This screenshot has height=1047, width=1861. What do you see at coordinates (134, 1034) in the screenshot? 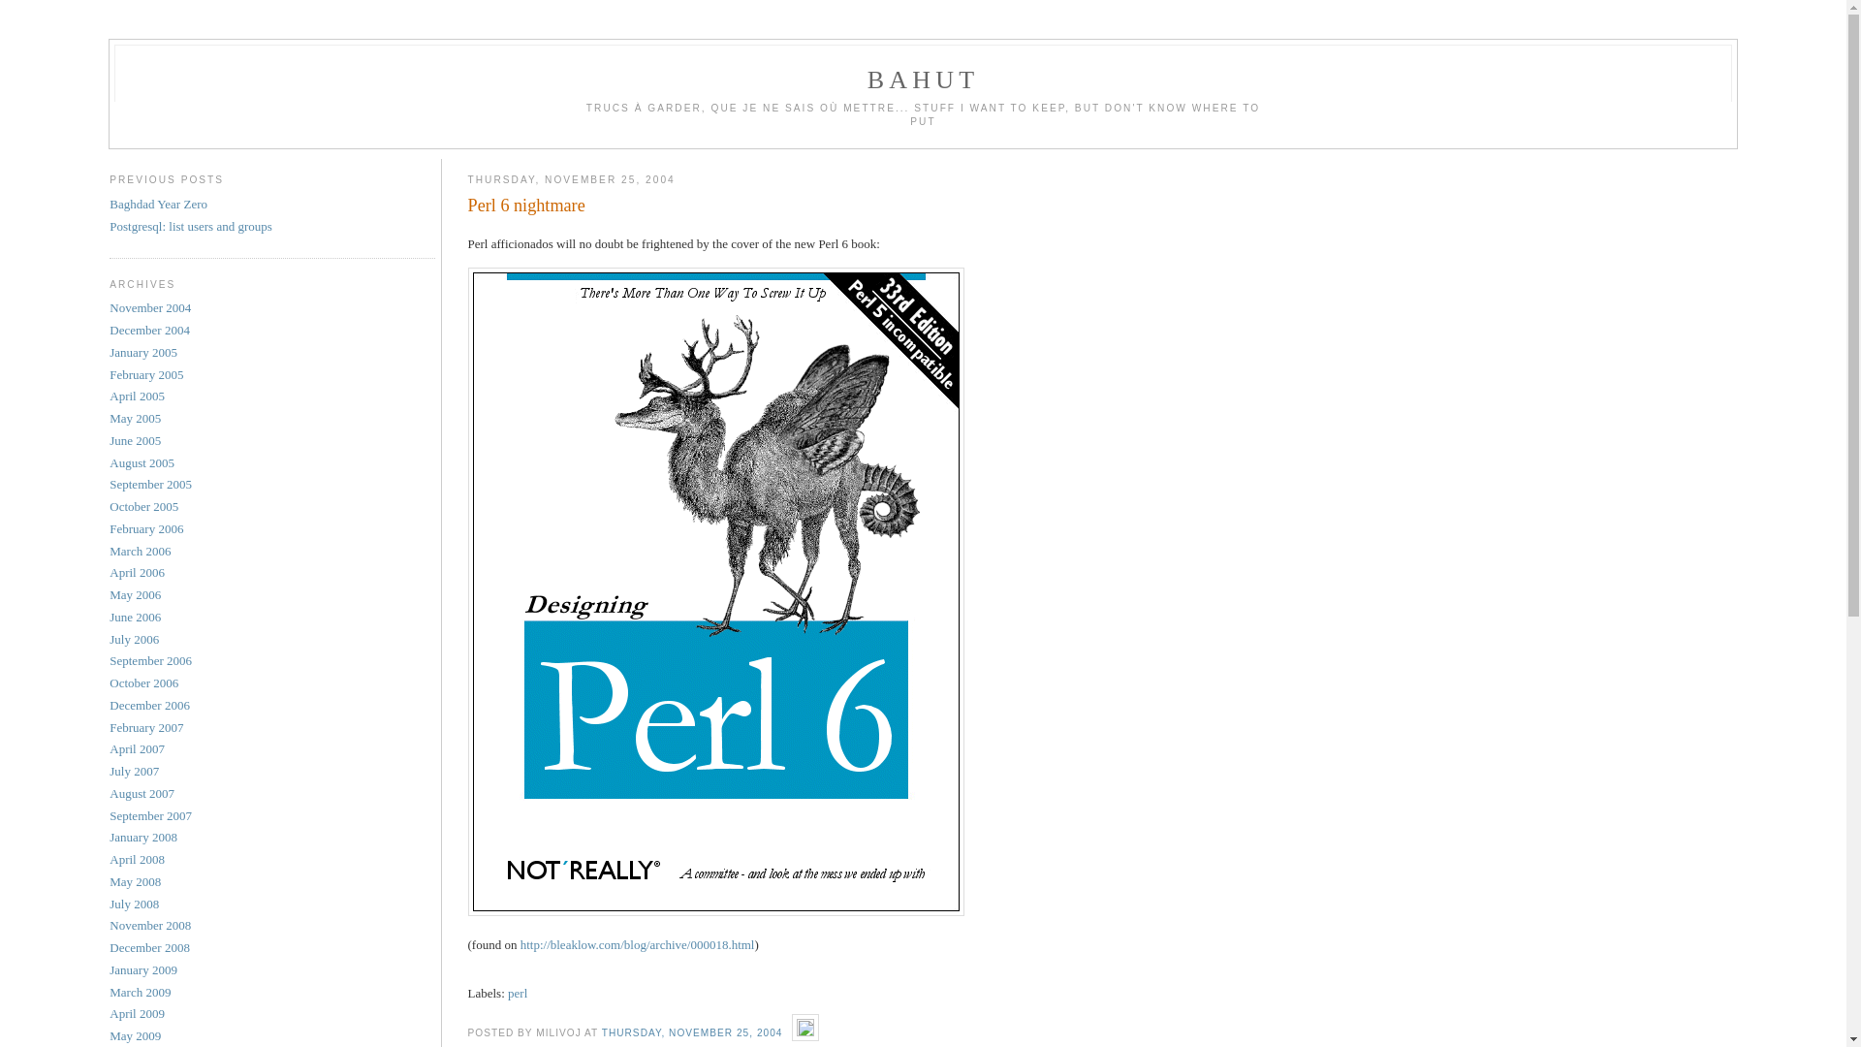
I see `'May 2009'` at bounding box center [134, 1034].